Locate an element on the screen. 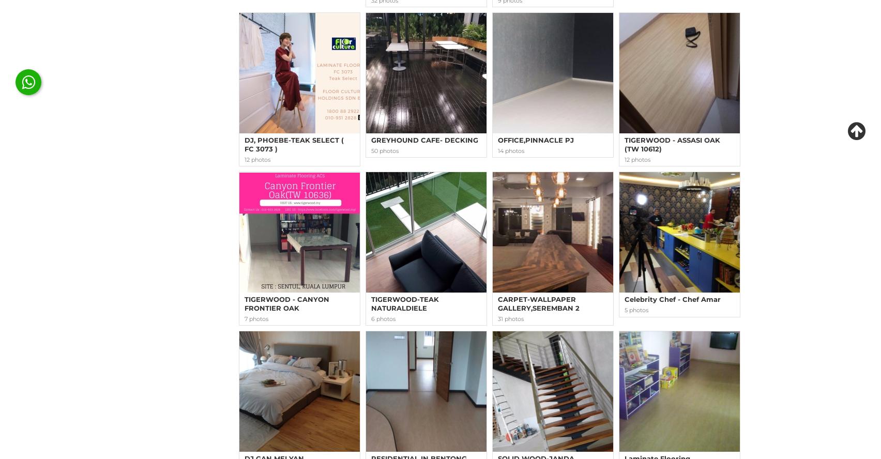  '31 photos' is located at coordinates (497, 318).